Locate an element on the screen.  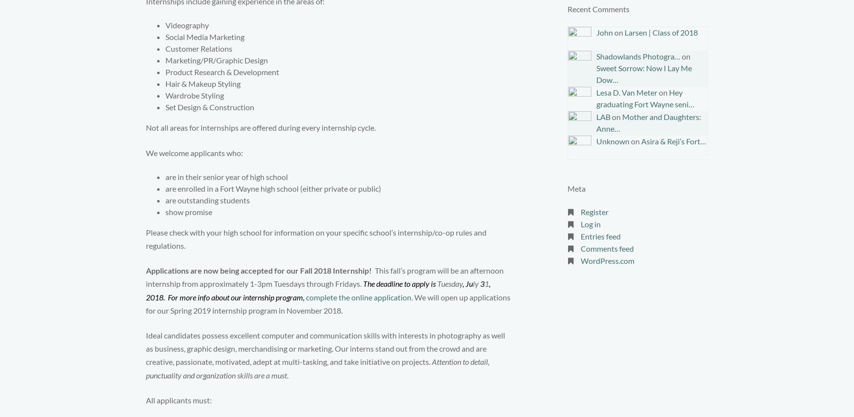
'Entries feed' is located at coordinates (600, 236).